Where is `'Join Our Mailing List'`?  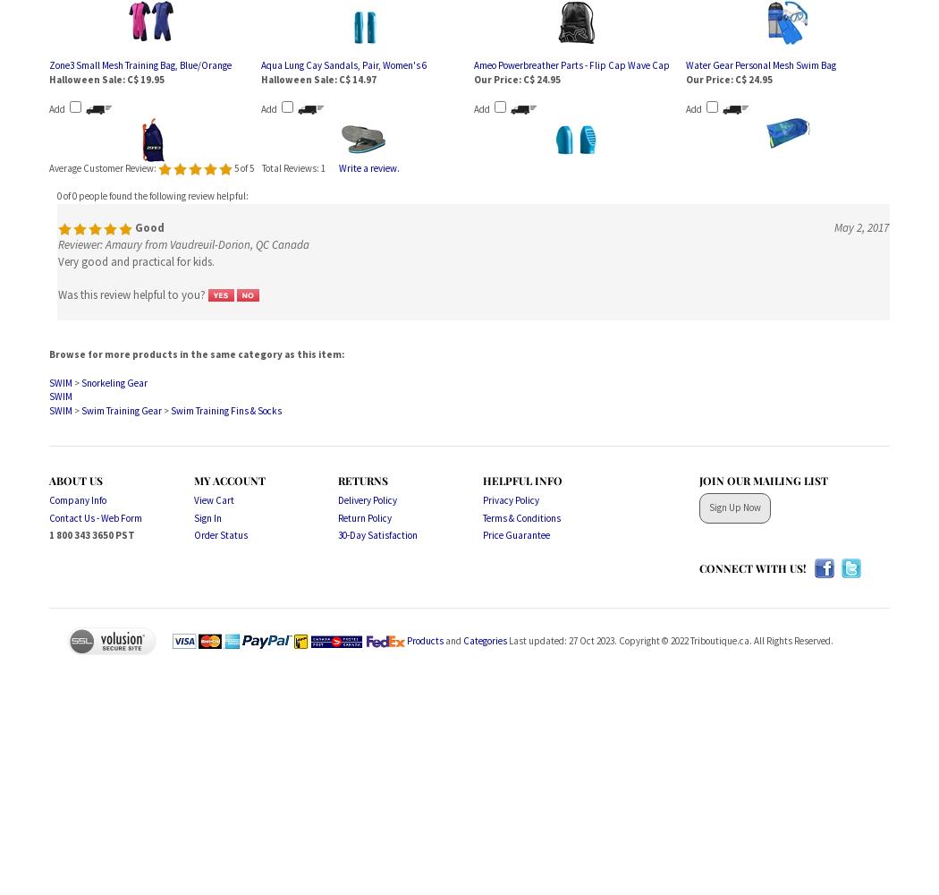
'Join Our Mailing List' is located at coordinates (763, 480).